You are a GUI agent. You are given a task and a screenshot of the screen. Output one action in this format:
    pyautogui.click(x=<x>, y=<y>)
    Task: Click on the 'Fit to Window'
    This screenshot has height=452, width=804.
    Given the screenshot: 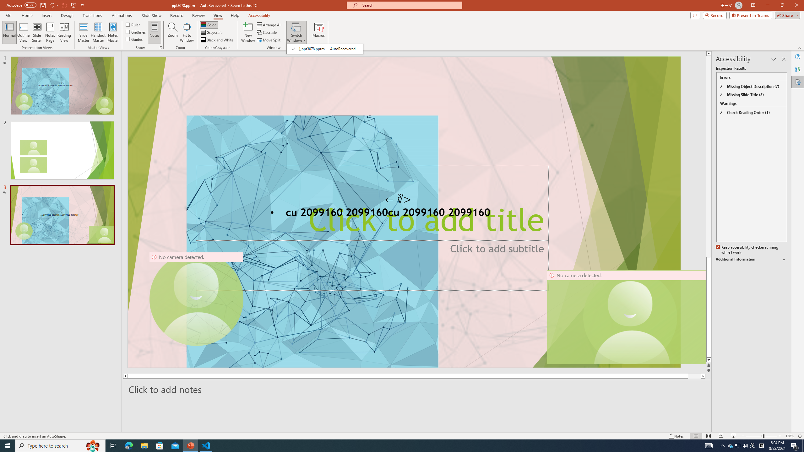 What is the action you would take?
    pyautogui.click(x=187, y=32)
    